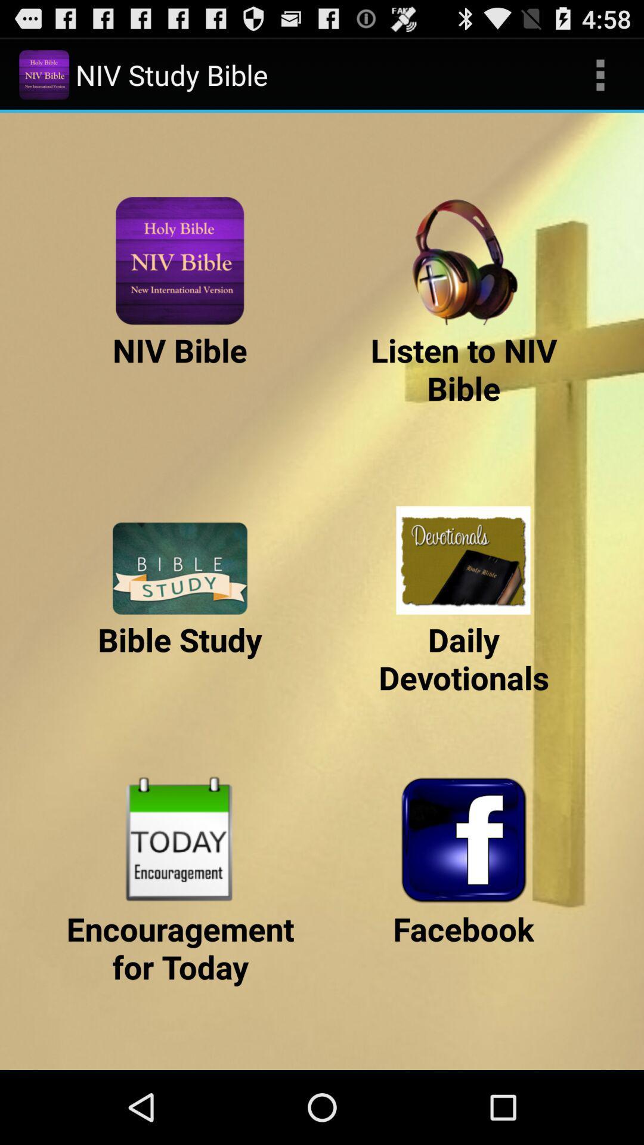  I want to click on the icon next to niv study bible app, so click(600, 74).